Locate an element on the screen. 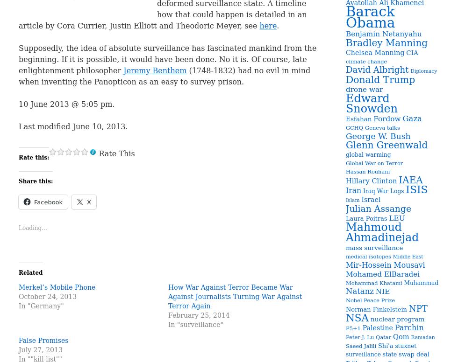 The height and width of the screenshot is (362, 458). 'Middle East' is located at coordinates (408, 256).